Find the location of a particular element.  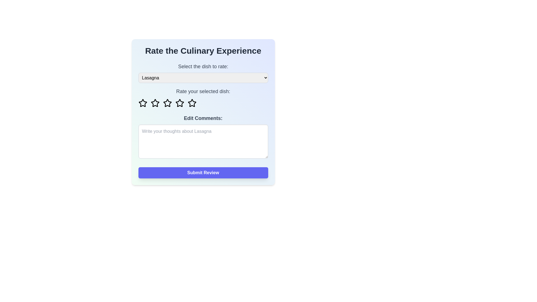

the third star icon is located at coordinates (180, 103).